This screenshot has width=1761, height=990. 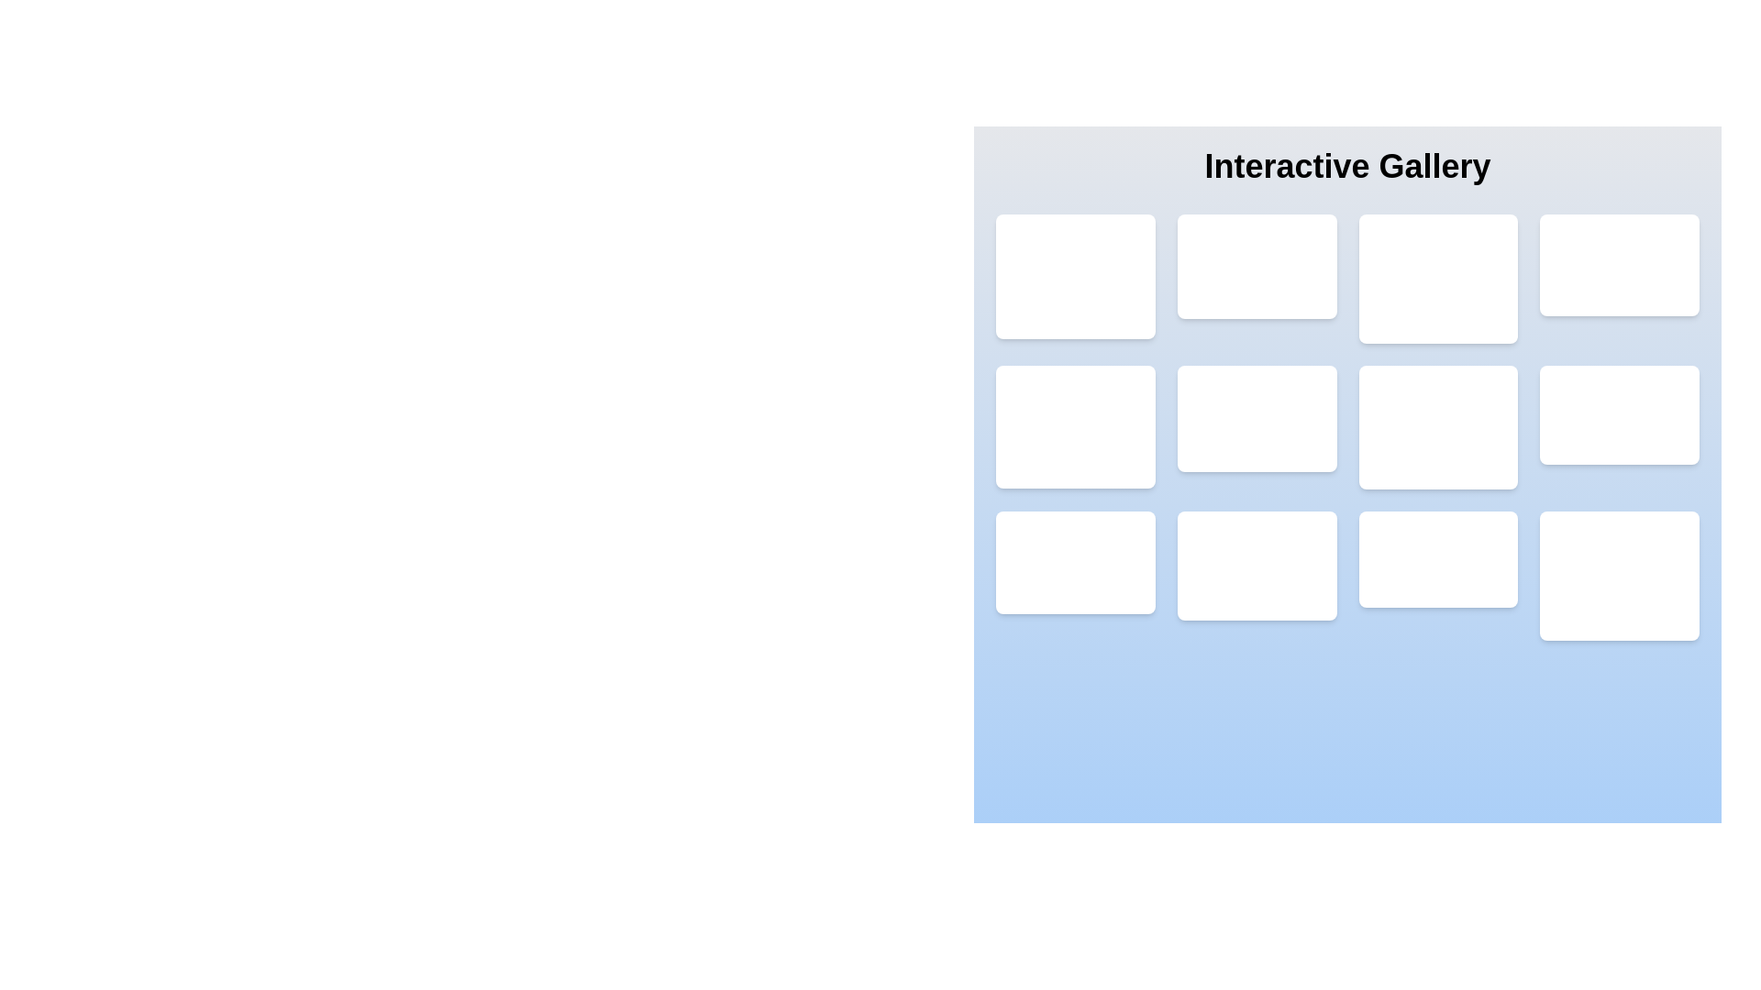 What do you see at coordinates (1620, 415) in the screenshot?
I see `the Interactive art card displaying 'Artwork #8Description about artwork #8', which is styled with a white background and rounded corners, located in the fourth column and second row of the gallery` at bounding box center [1620, 415].